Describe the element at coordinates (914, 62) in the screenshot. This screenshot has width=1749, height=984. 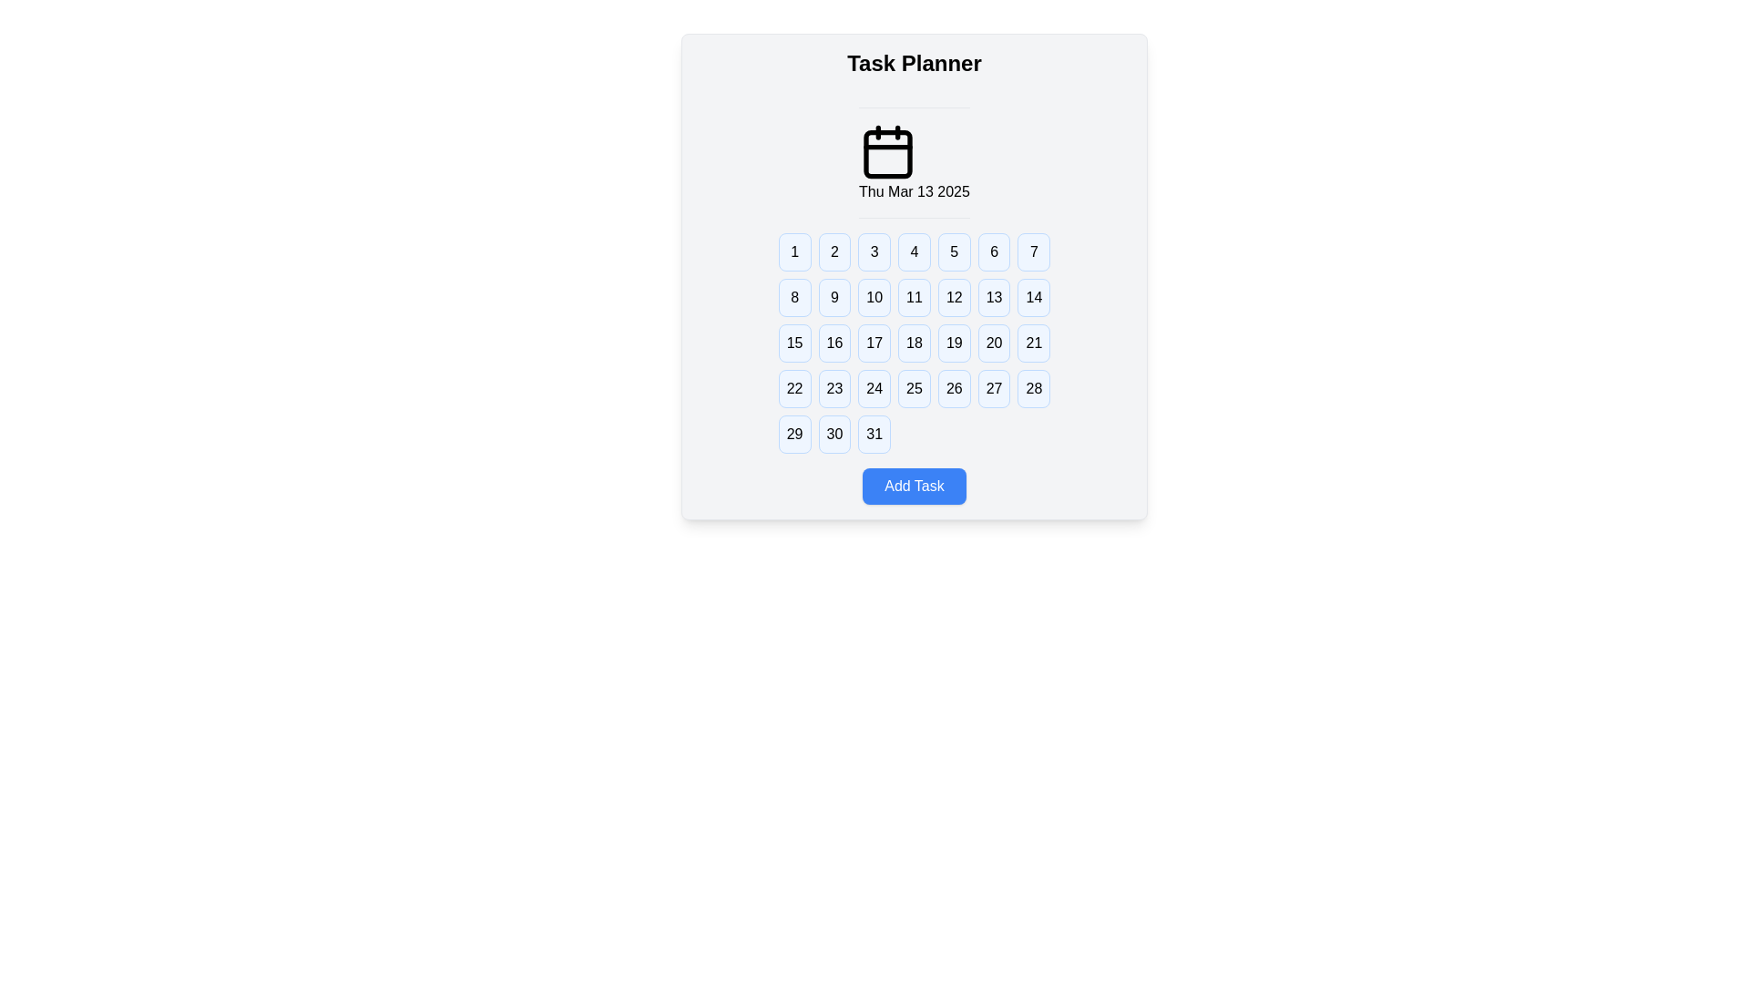
I see `the header text element that reads 'Task Planner', which is bold and larger than other text elements, located at the top-center of the interface` at that location.